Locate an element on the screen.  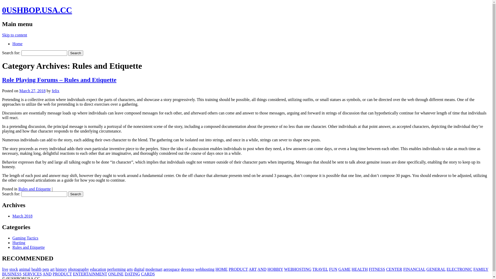
'March 2018' is located at coordinates (22, 216).